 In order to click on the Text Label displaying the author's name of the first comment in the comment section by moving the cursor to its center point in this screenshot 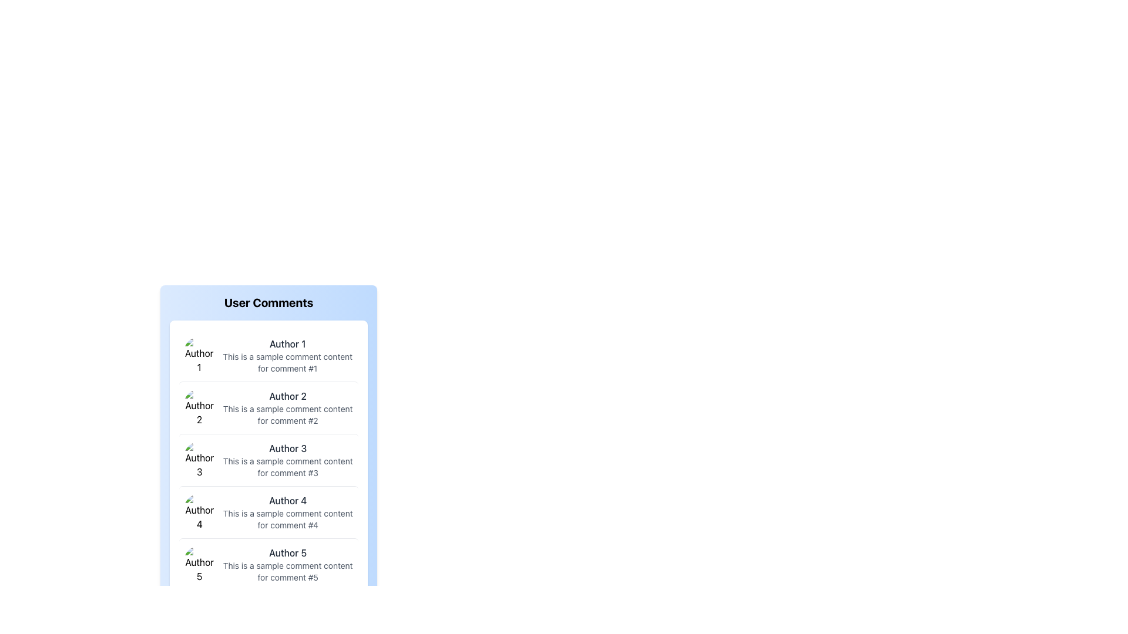, I will do `click(287, 343)`.